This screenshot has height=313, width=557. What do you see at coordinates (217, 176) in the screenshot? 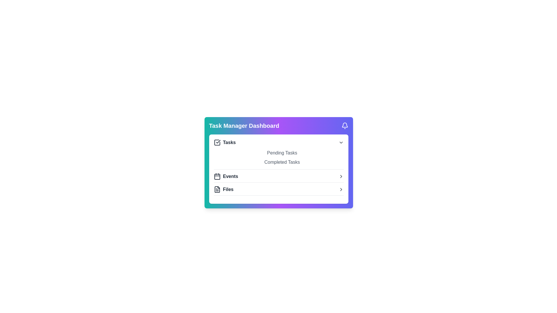
I see `the 'Events' icon located to the immediate left of the label text 'Events' in the second row of the list under the 'Task Manager Dashboard' section` at bounding box center [217, 176].